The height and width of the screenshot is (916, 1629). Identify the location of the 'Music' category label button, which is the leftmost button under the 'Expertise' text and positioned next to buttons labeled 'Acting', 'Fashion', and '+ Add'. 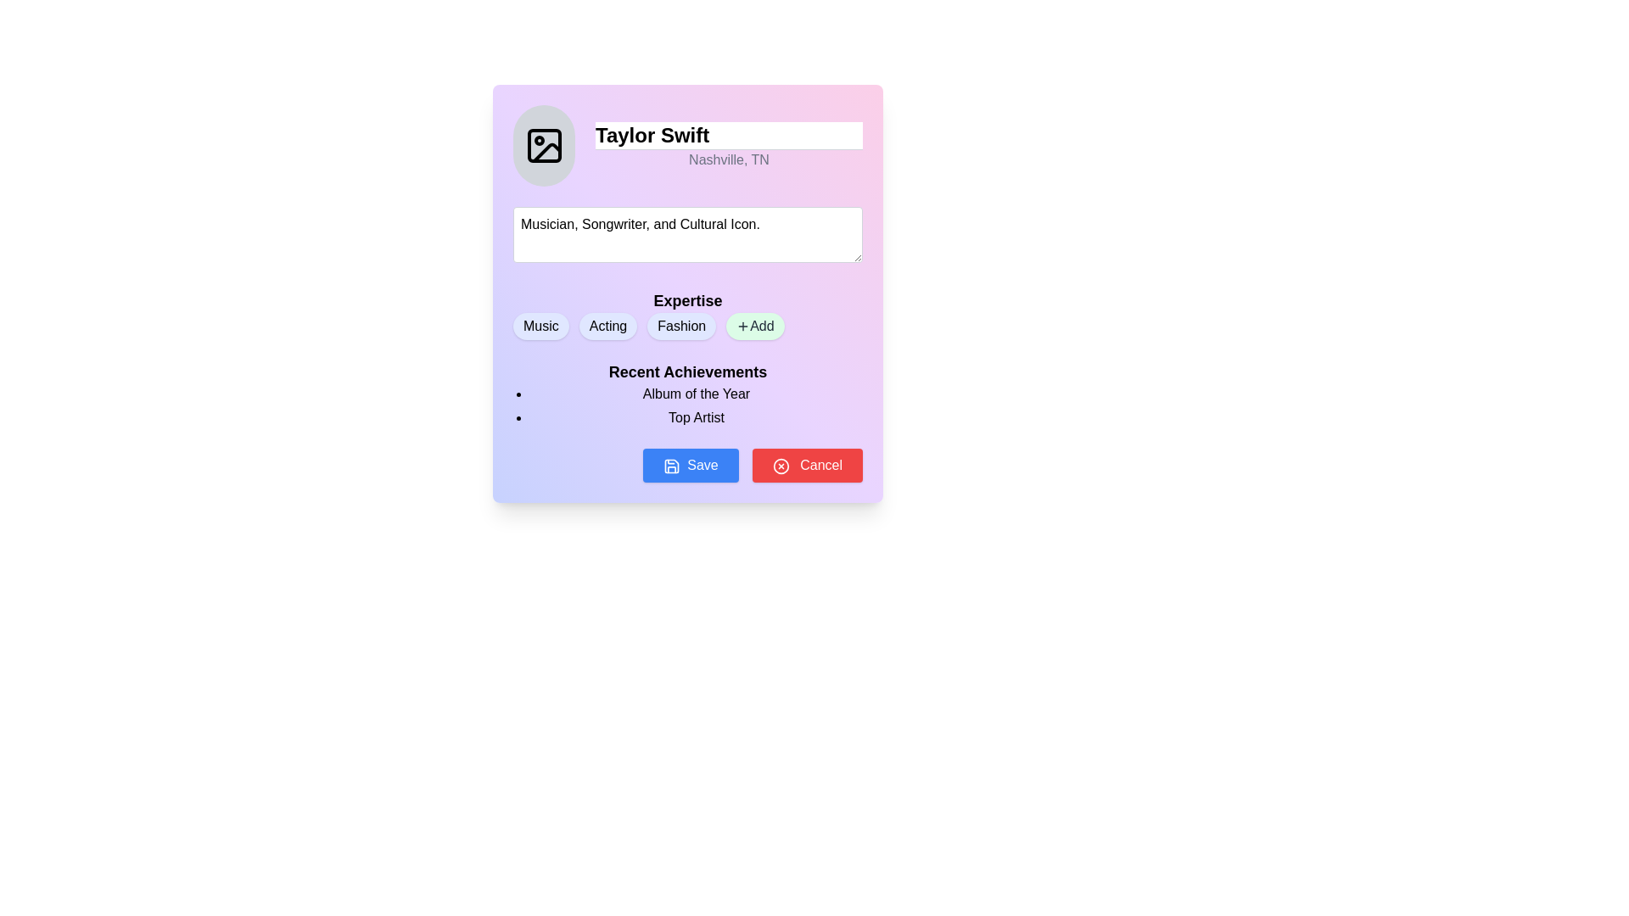
(540, 327).